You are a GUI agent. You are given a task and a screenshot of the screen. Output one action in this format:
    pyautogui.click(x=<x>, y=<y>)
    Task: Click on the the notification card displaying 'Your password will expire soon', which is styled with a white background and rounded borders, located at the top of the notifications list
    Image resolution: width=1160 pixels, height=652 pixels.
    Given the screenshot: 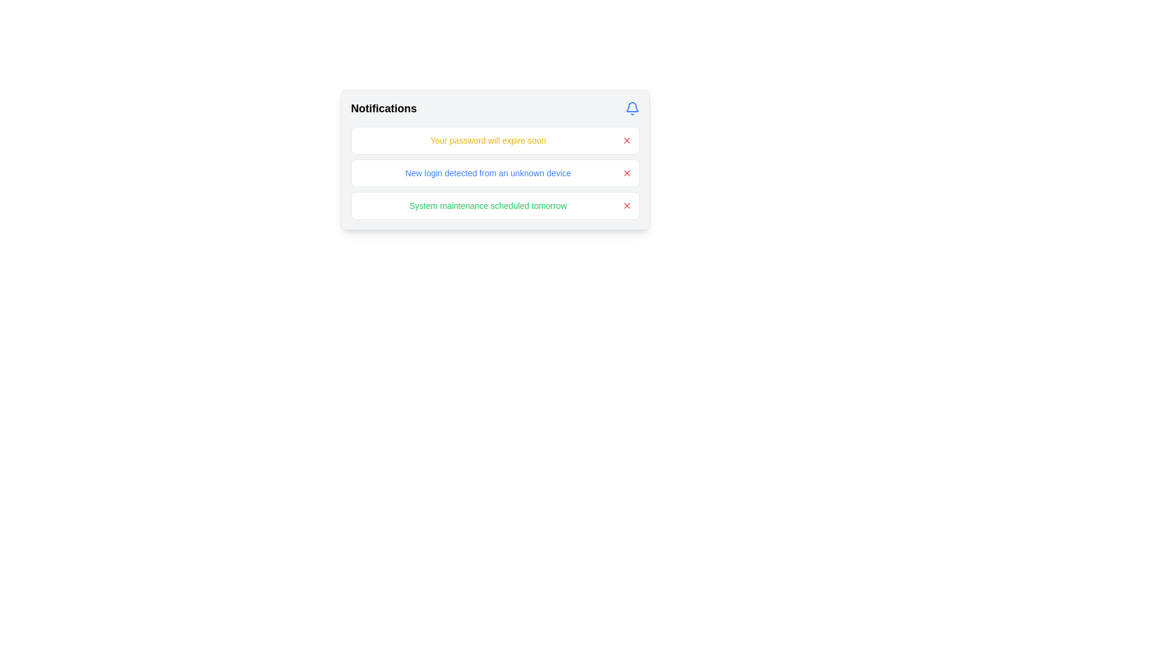 What is the action you would take?
    pyautogui.click(x=495, y=139)
    